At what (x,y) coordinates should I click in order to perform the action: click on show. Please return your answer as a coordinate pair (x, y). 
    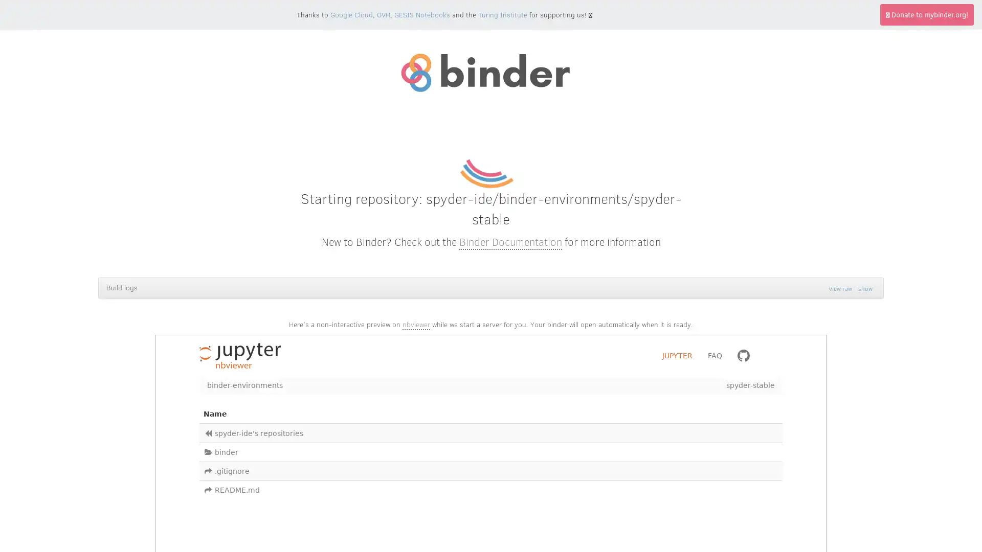
    Looking at the image, I should click on (865, 288).